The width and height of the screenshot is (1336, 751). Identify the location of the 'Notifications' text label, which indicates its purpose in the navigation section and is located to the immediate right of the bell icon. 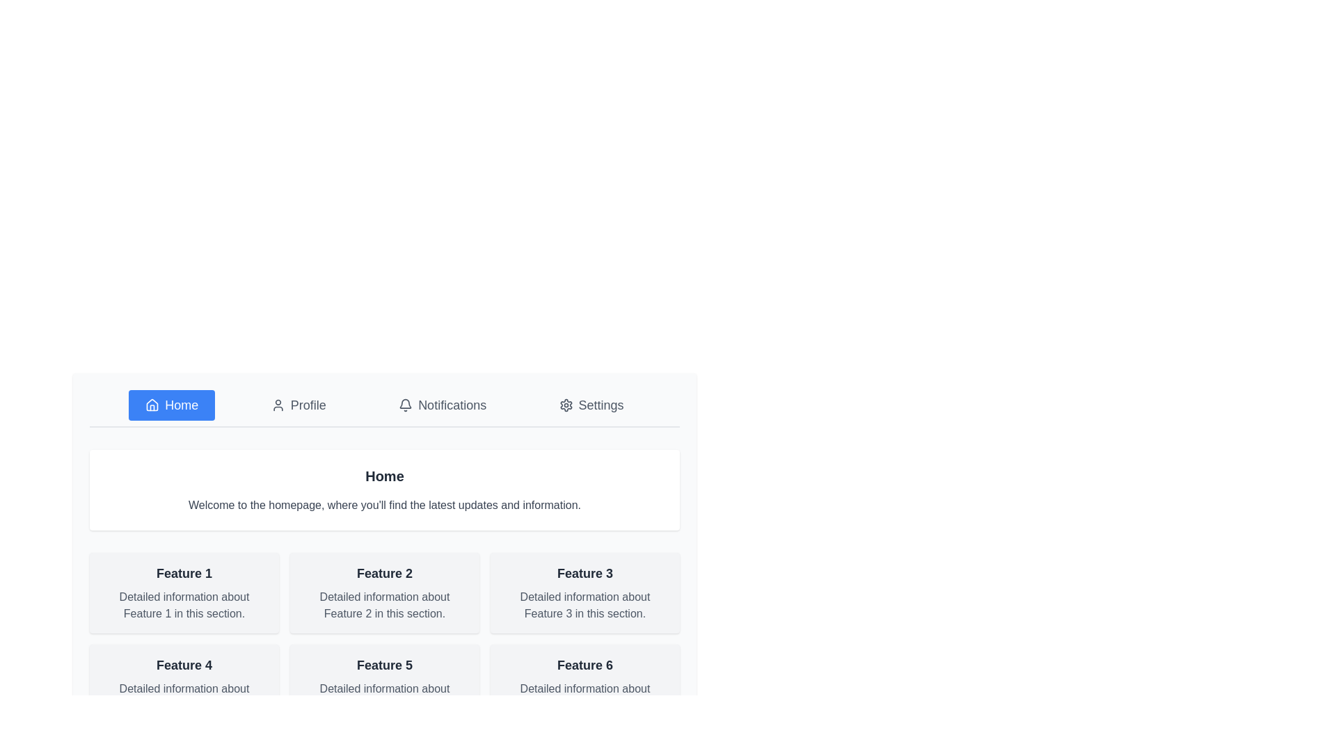
(452, 405).